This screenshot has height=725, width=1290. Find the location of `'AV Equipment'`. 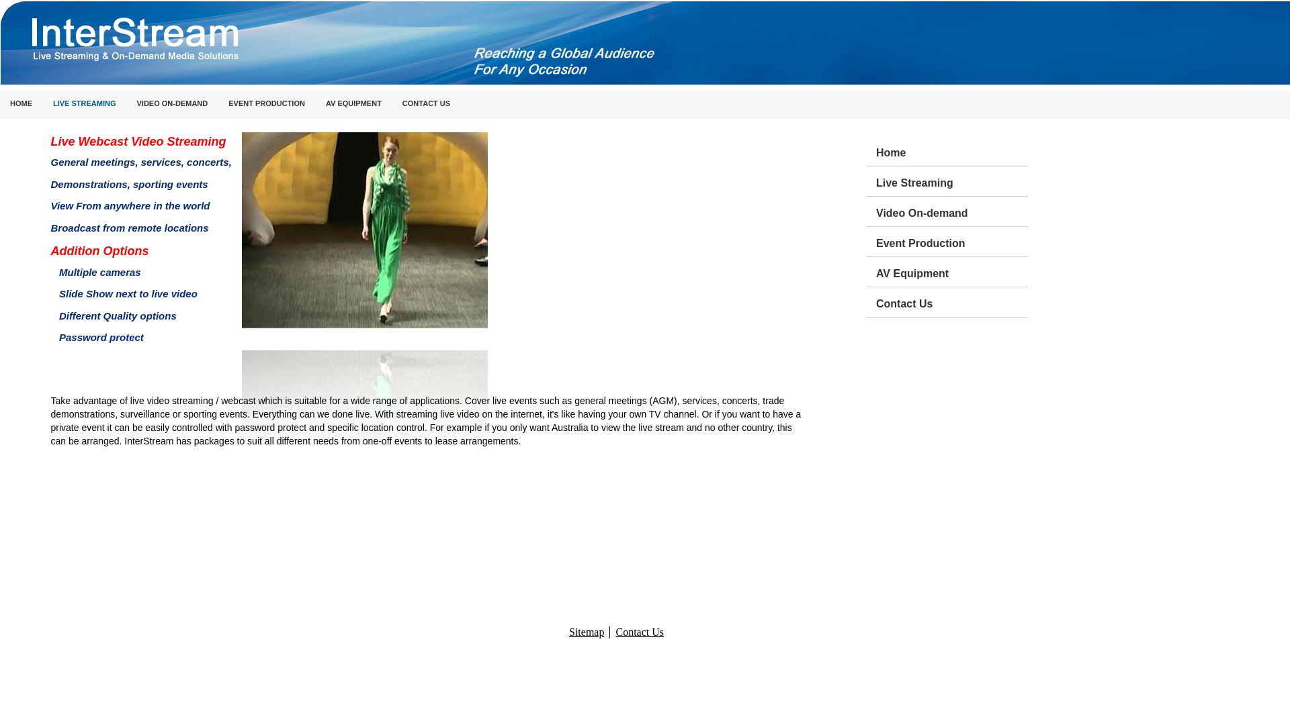

'AV Equipment' is located at coordinates (951, 272).